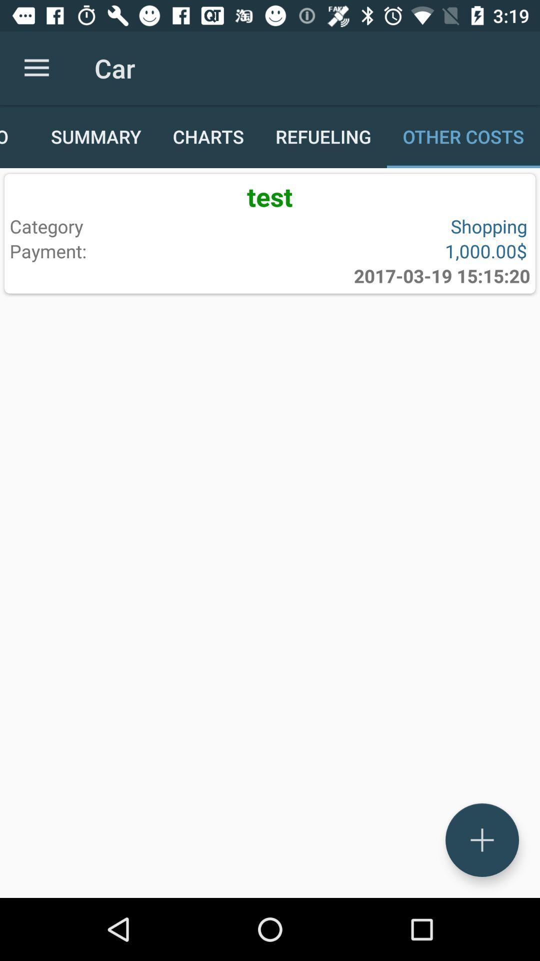 The width and height of the screenshot is (540, 961). Describe the element at coordinates (396, 251) in the screenshot. I see `1,000.00$ icon` at that location.